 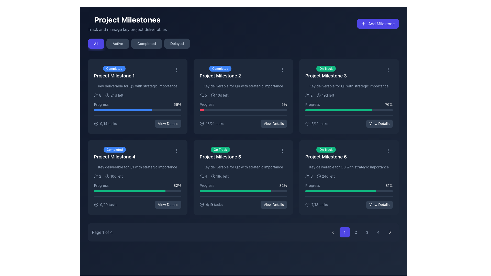 What do you see at coordinates (243, 106) in the screenshot?
I see `the Progress bar with textual percentage indicator within the 'Project Milestone 2' card to visualize the completion status of a task` at bounding box center [243, 106].